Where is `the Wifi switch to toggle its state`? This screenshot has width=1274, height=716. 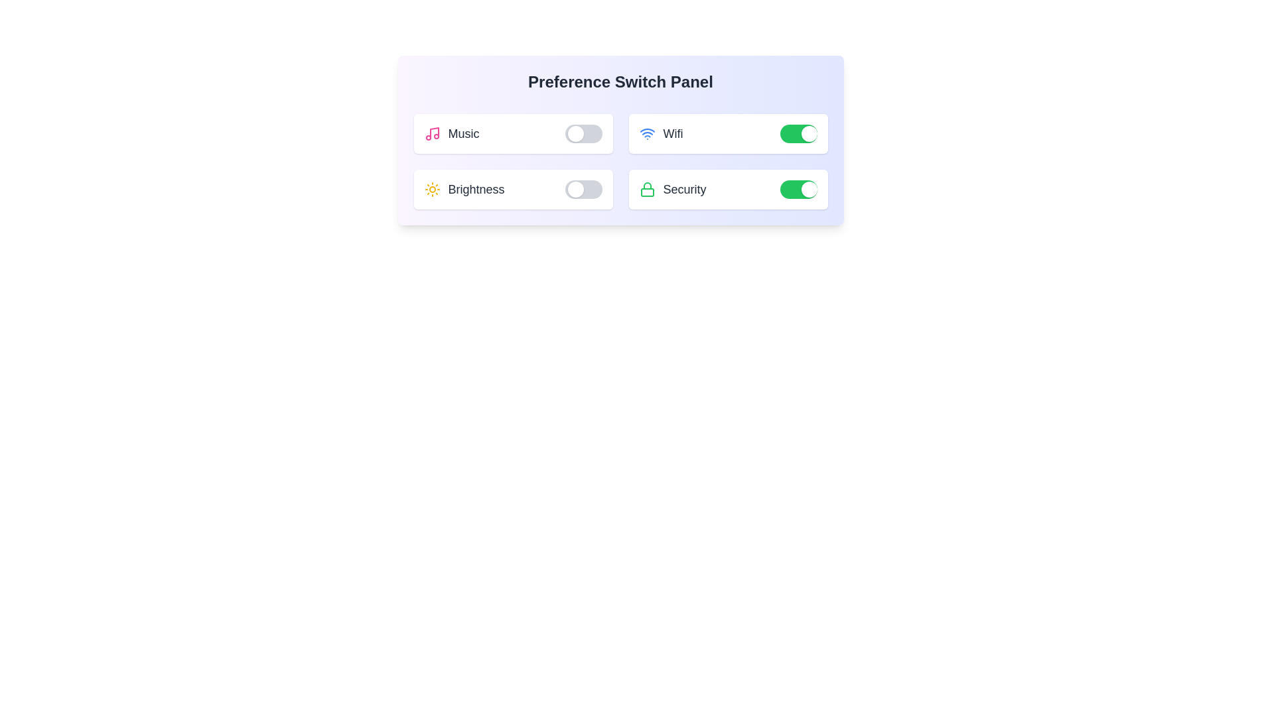 the Wifi switch to toggle its state is located at coordinates (798, 133).